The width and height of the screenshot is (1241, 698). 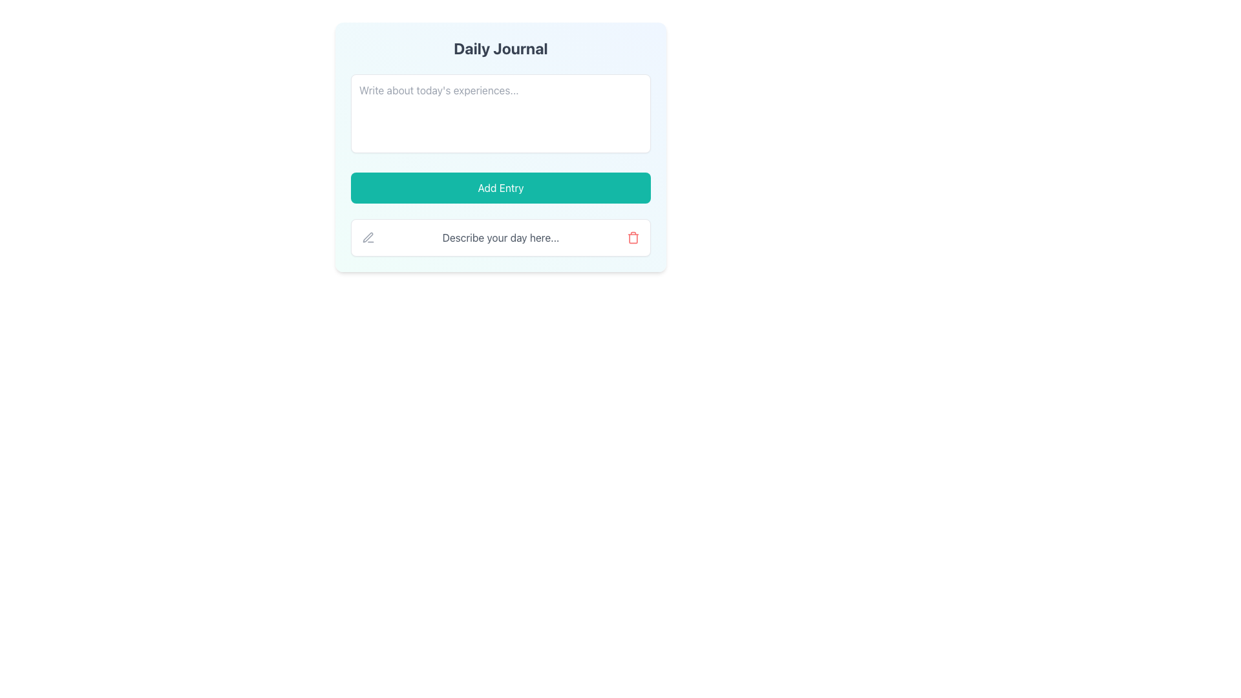 What do you see at coordinates (633, 237) in the screenshot?
I see `the delete icon button located to the far right of the text 'Describe your day here...' to initiate a delete action` at bounding box center [633, 237].